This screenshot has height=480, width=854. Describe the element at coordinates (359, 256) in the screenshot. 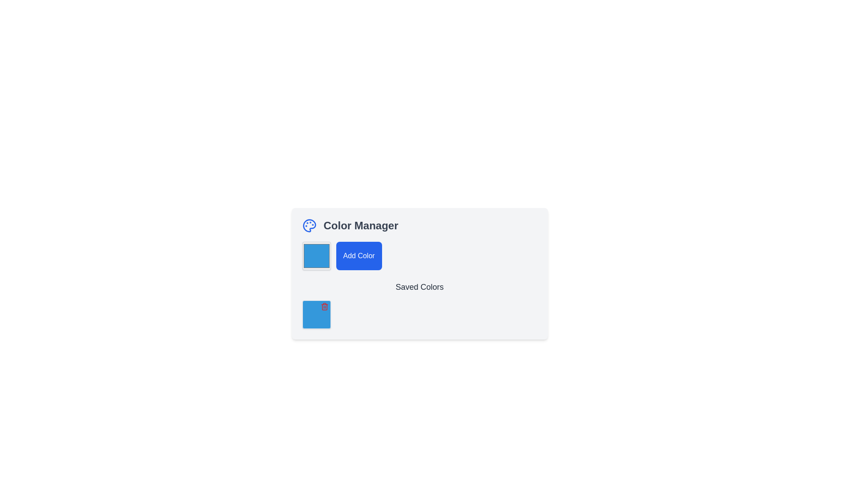

I see `the second button in the 'Color Manager' section` at that location.